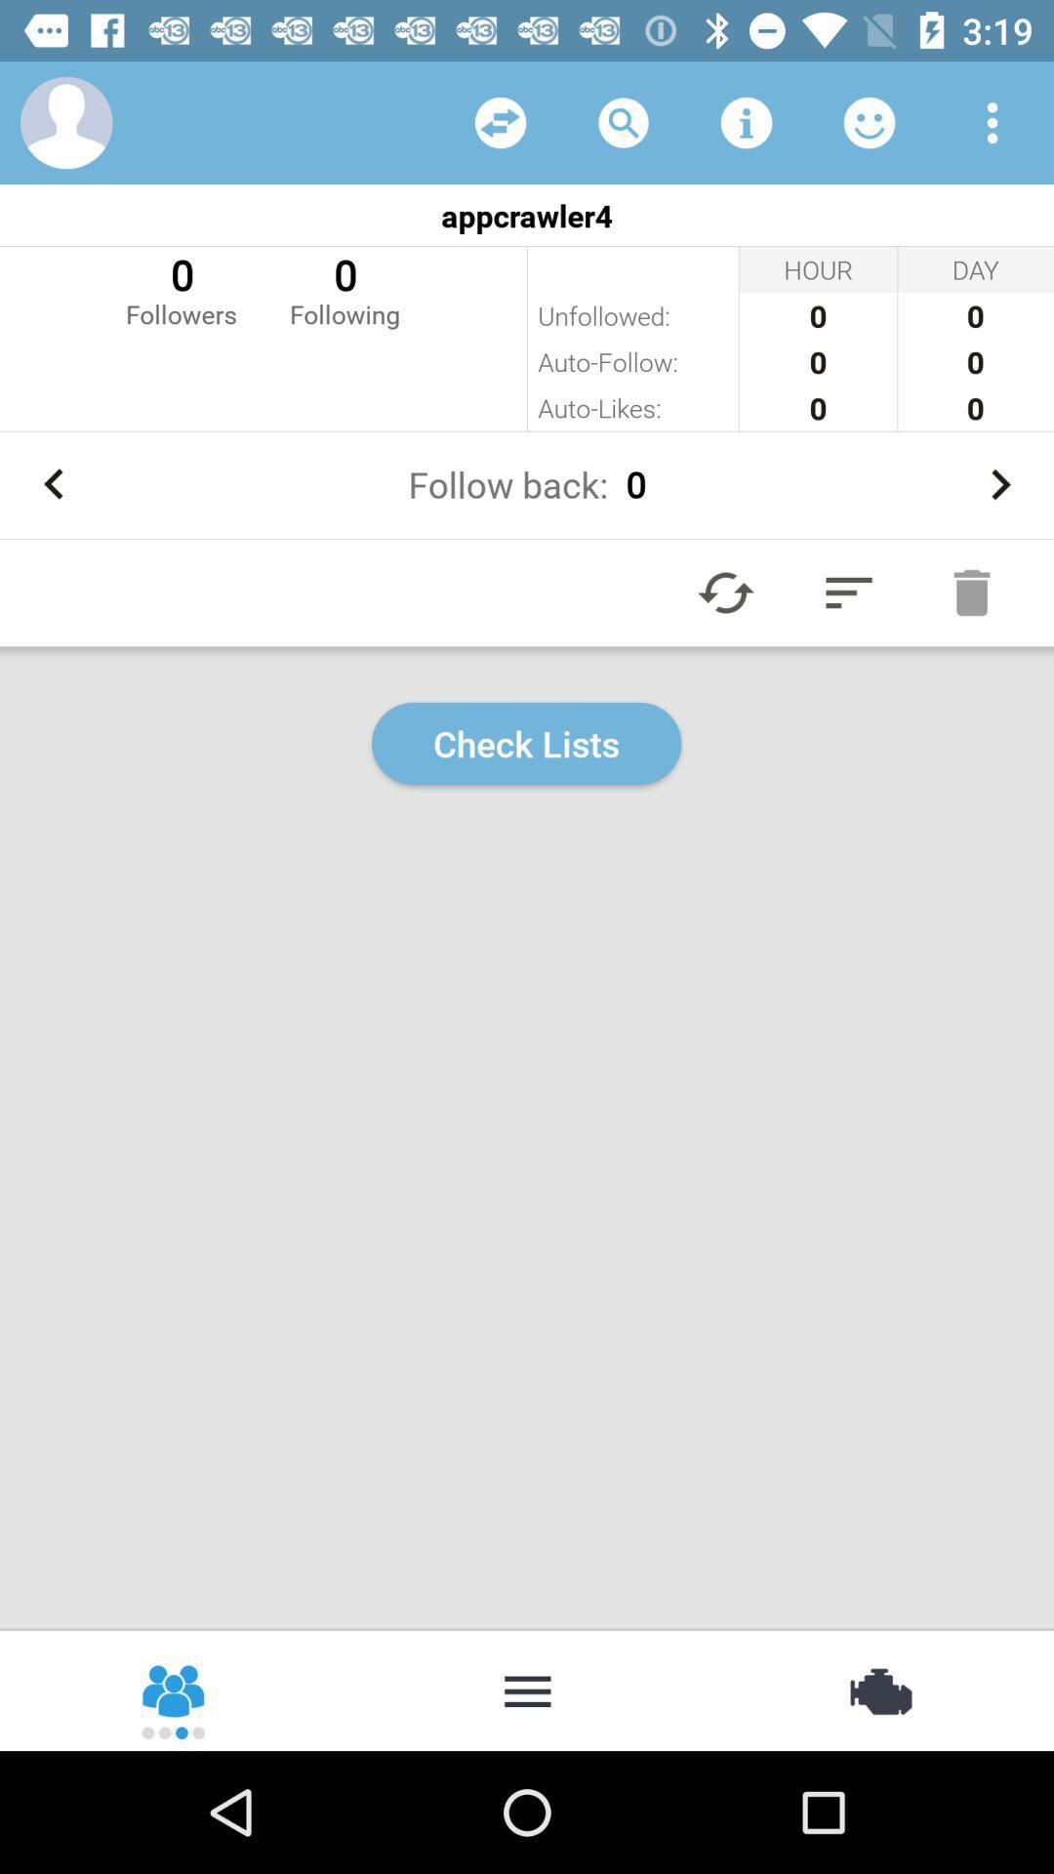 This screenshot has height=1874, width=1054. Describe the element at coordinates (746, 121) in the screenshot. I see `information option` at that location.